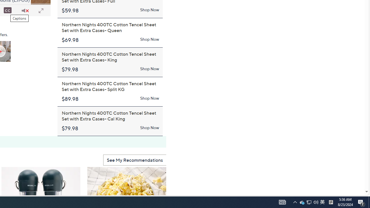 Image resolution: width=370 pixels, height=208 pixels. Describe the element at coordinates (134, 160) in the screenshot. I see `'See My Recommendations'` at that location.